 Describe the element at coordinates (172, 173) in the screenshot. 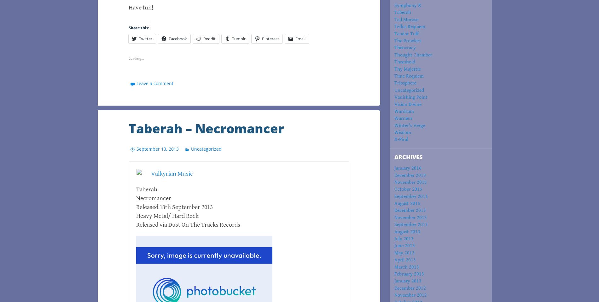

I see `'Valkyrian Music'` at that location.